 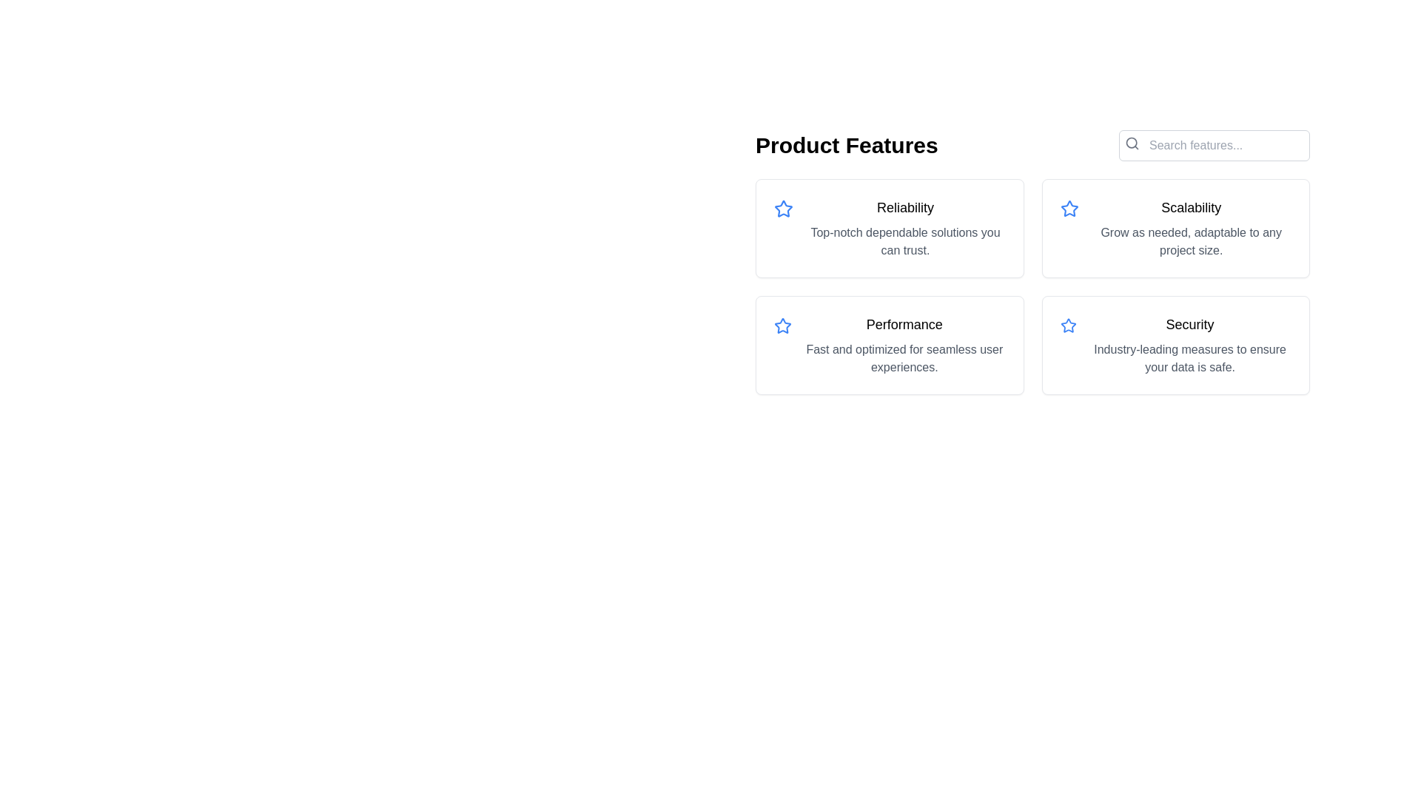 What do you see at coordinates (847, 145) in the screenshot?
I see `the text header labeled 'Product Features', which is prominently styled in a large bold font and located at the upper-left corner of its section` at bounding box center [847, 145].